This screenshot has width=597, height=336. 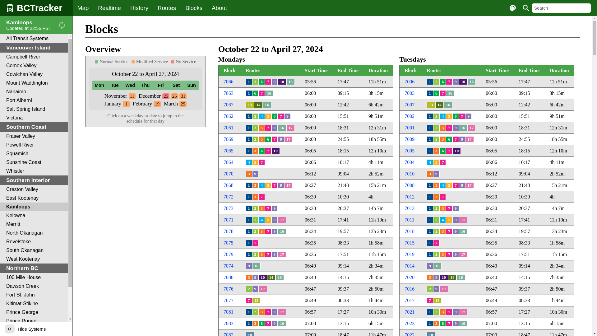 I want to click on '16', so click(x=256, y=266).